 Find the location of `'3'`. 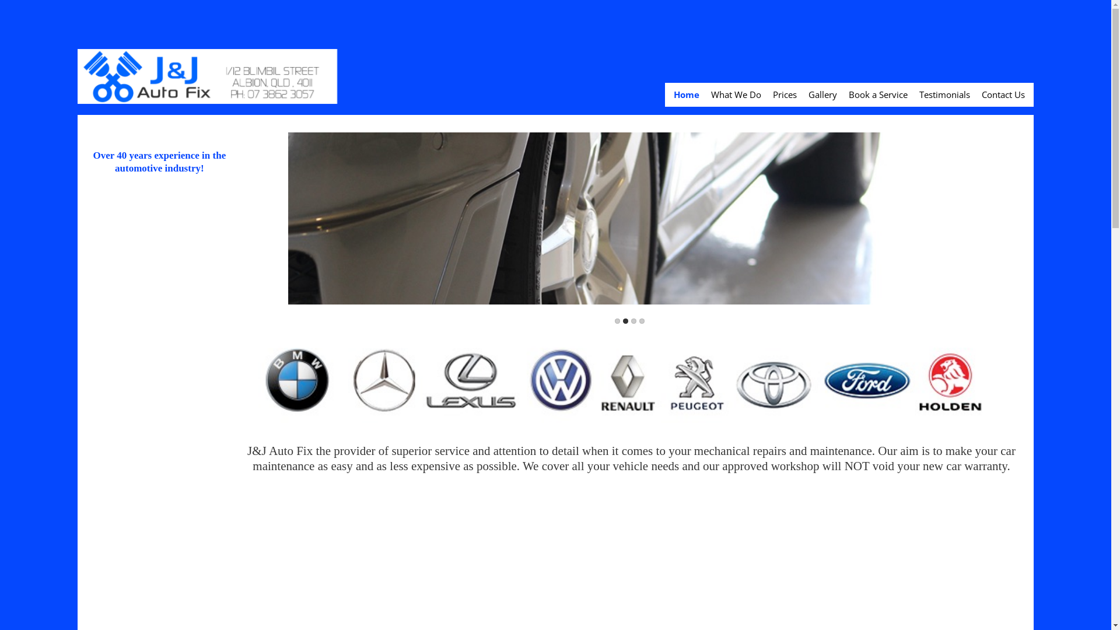

'3' is located at coordinates (633, 321).